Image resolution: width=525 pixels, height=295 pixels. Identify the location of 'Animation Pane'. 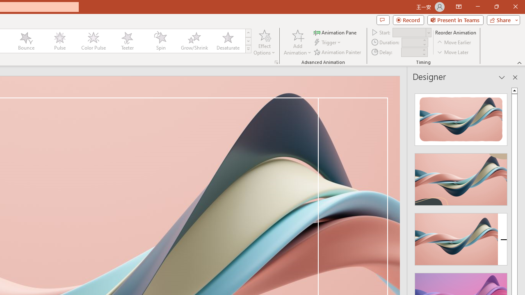
(336, 32).